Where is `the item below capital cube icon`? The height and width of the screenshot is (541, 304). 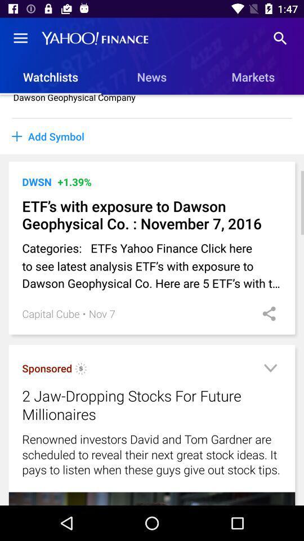
the item below capital cube icon is located at coordinates (46, 367).